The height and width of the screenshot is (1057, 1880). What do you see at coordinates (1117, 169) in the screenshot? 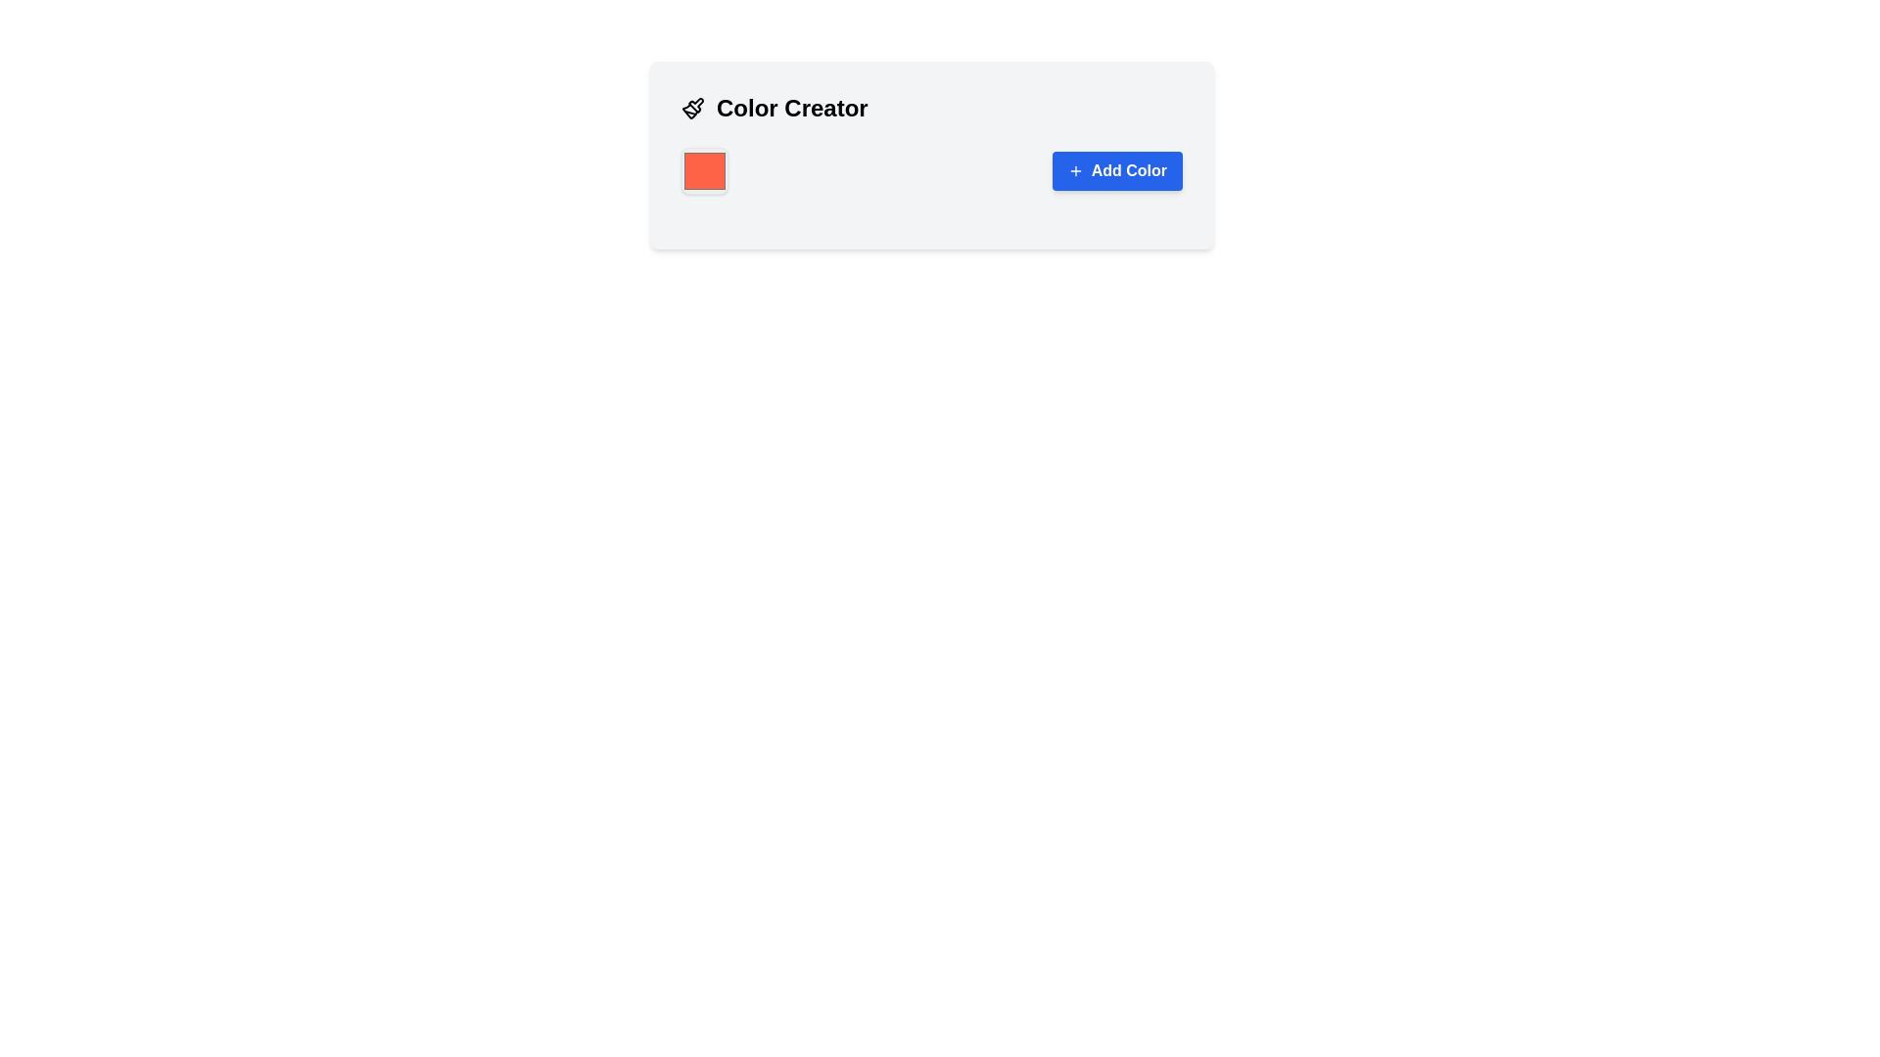
I see `the 'Add Color' button with rounded corners, blue background, and white text` at bounding box center [1117, 169].